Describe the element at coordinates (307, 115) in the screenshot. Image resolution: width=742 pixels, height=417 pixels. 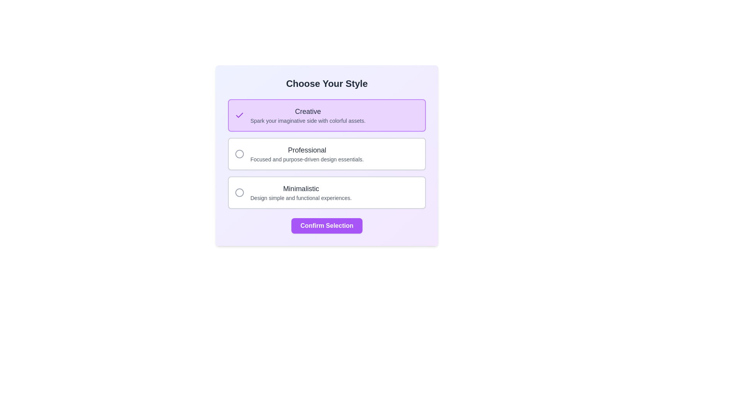
I see `the 'Creative' design style selection option, which is centrally positioned within a card that has a purple background and borders, located at the topmost option of a list` at that location.